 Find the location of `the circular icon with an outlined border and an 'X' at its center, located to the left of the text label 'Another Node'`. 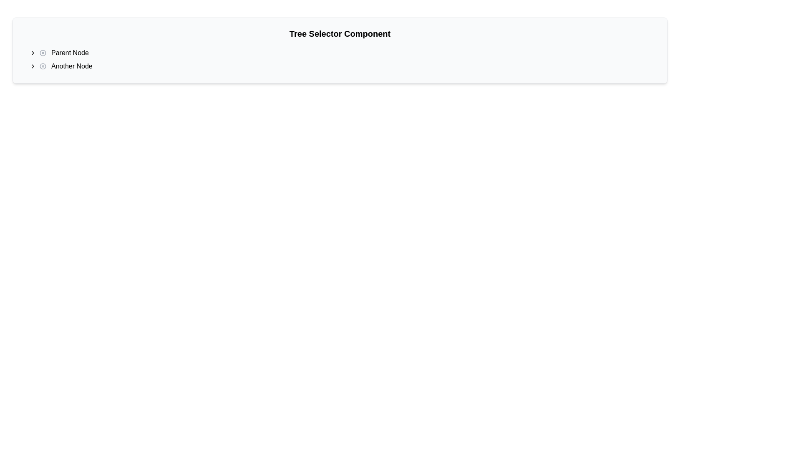

the circular icon with an outlined border and an 'X' at its center, located to the left of the text label 'Another Node' is located at coordinates (42, 66).